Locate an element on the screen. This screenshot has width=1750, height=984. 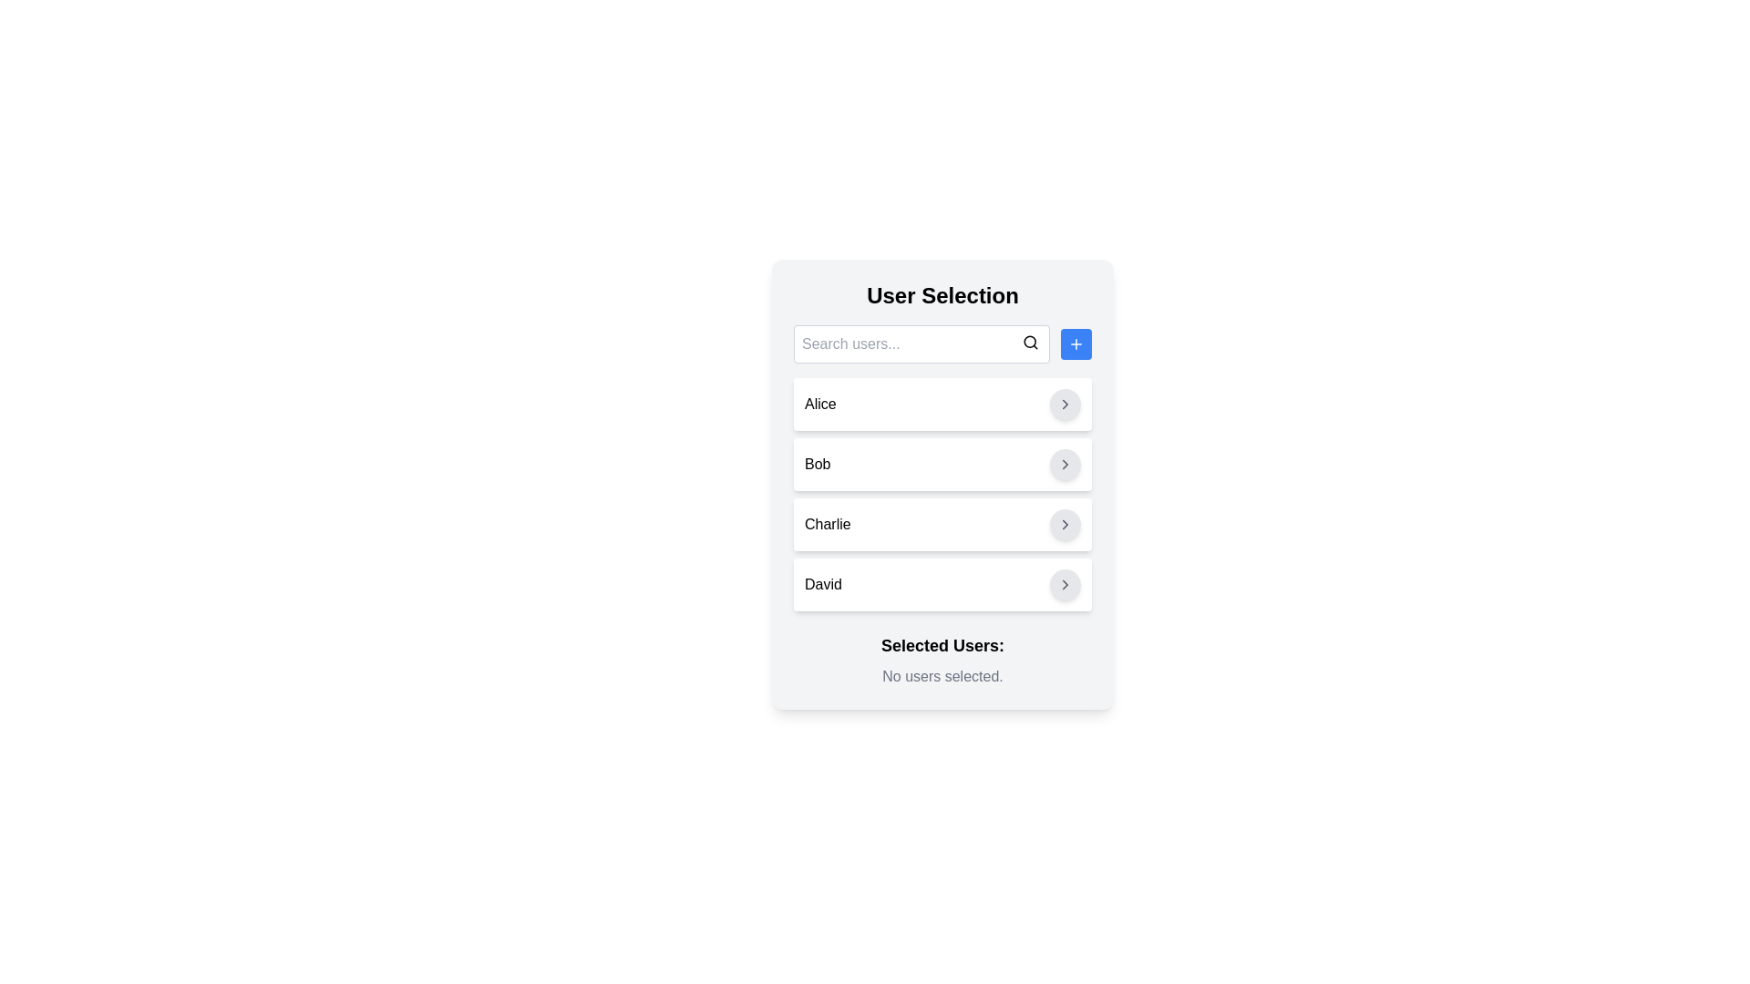
the interactive list item representing the user 'Charlie' is located at coordinates (942, 524).